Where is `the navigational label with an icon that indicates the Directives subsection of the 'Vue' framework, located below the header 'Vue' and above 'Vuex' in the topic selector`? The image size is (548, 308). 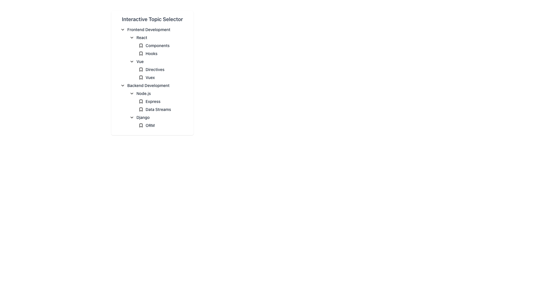 the navigational label with an icon that indicates the Directives subsection of the 'Vue' framework, located below the header 'Vue' and above 'Vuex' in the topic selector is located at coordinates (164, 69).